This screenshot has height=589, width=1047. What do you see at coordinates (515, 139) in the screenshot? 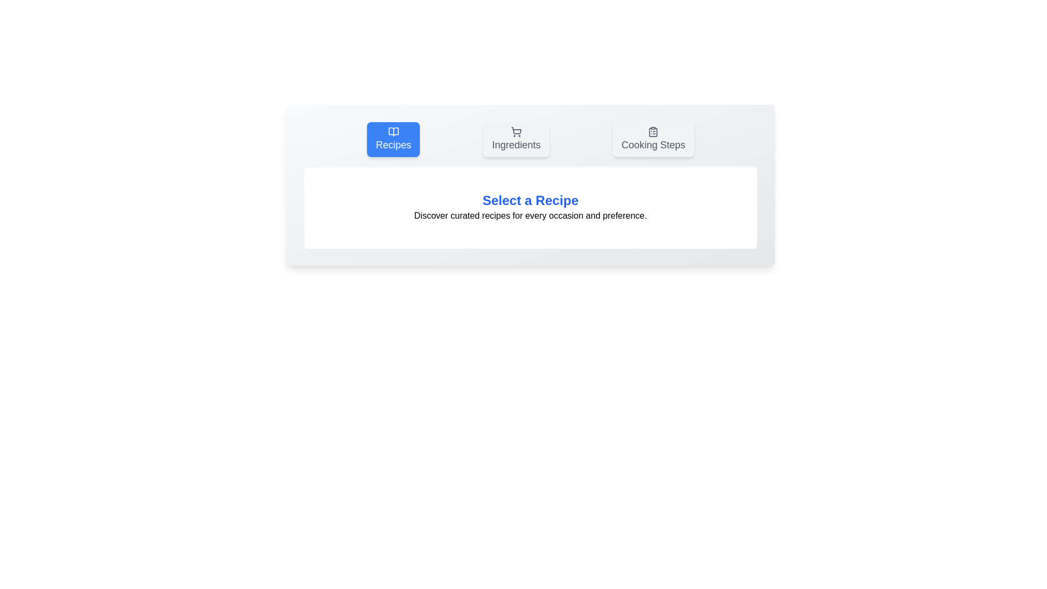
I see `the Ingredients tab by clicking on it` at bounding box center [515, 139].